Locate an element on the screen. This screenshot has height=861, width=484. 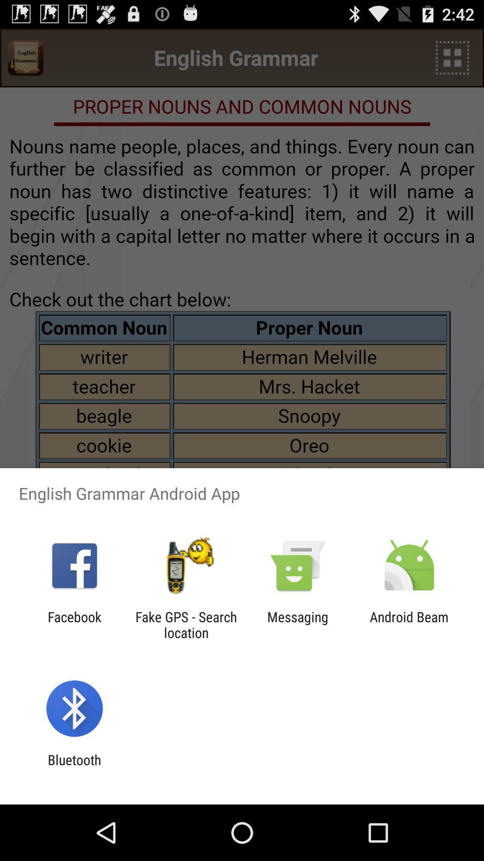
the item next to the fake gps search is located at coordinates (74, 624).